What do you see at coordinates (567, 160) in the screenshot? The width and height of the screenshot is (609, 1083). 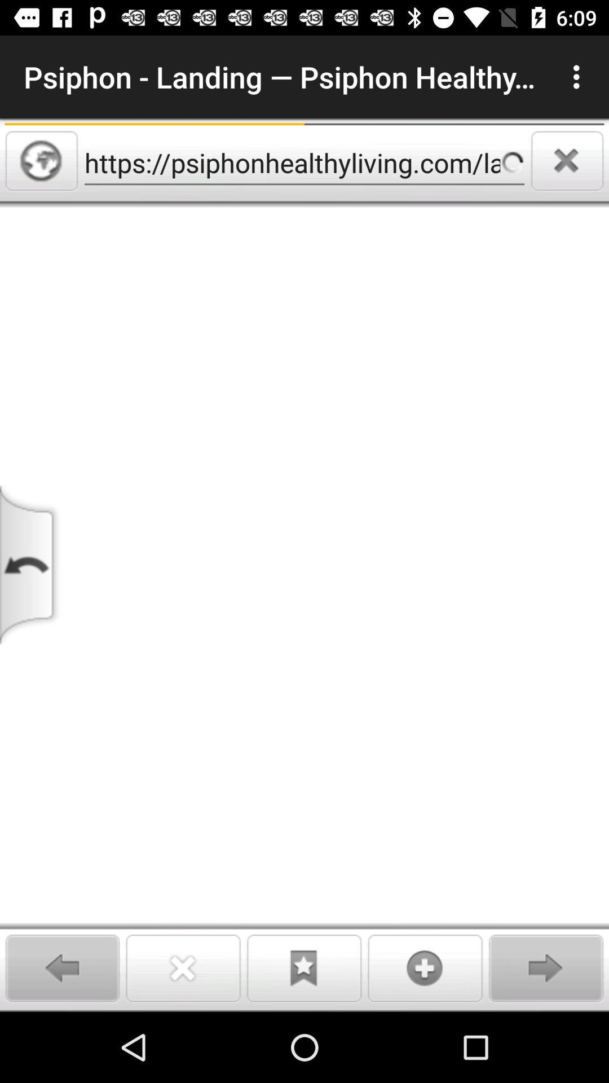 I see `stop page load` at bounding box center [567, 160].